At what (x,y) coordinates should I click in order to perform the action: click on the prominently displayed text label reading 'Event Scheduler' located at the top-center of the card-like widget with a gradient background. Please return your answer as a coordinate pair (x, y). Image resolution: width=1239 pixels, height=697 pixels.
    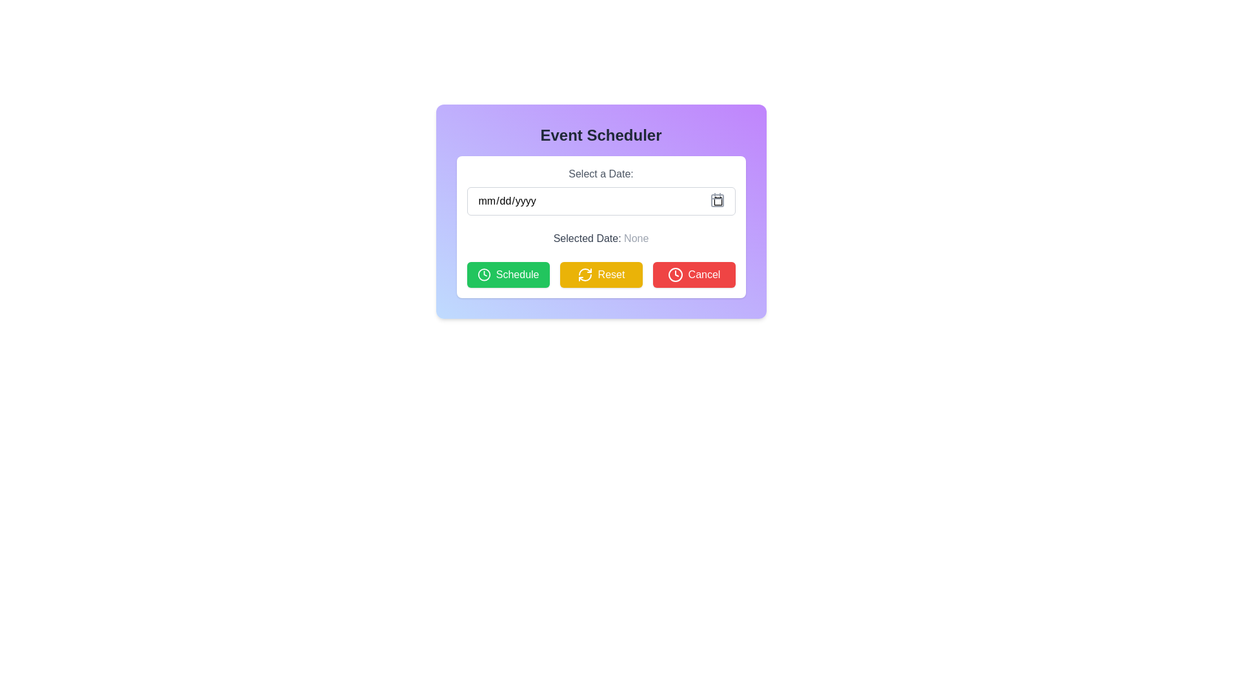
    Looking at the image, I should click on (600, 135).